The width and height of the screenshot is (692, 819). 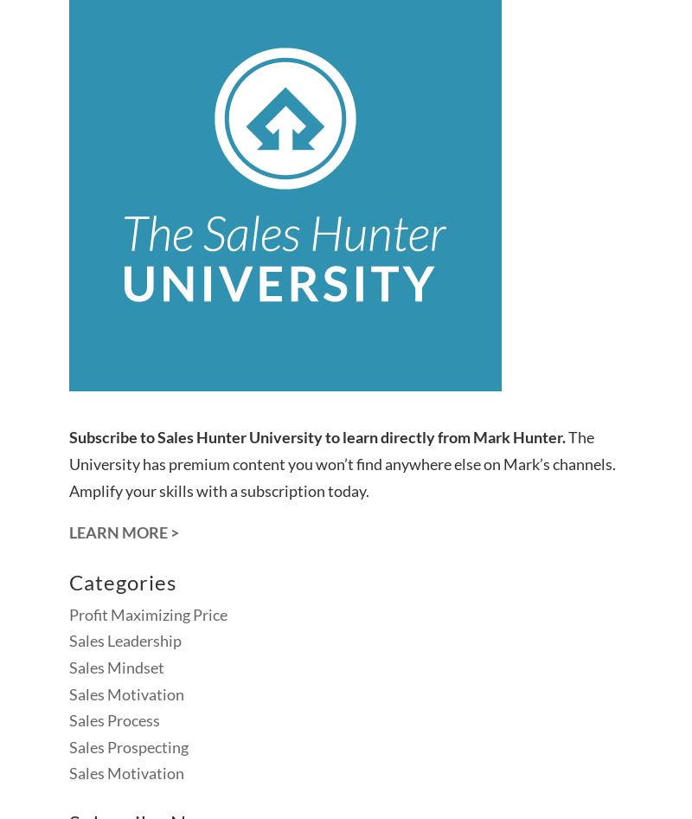 What do you see at coordinates (147, 614) in the screenshot?
I see `'Profit Maximizing Price'` at bounding box center [147, 614].